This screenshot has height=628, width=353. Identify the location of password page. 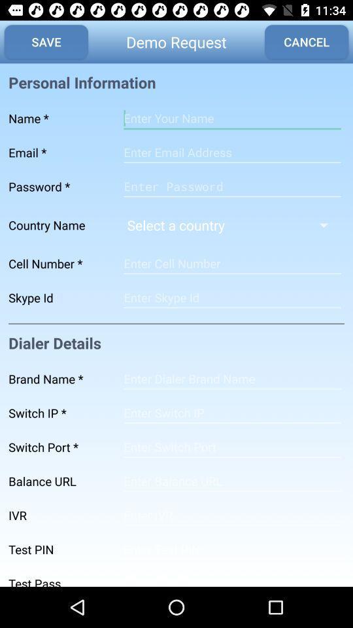
(231, 186).